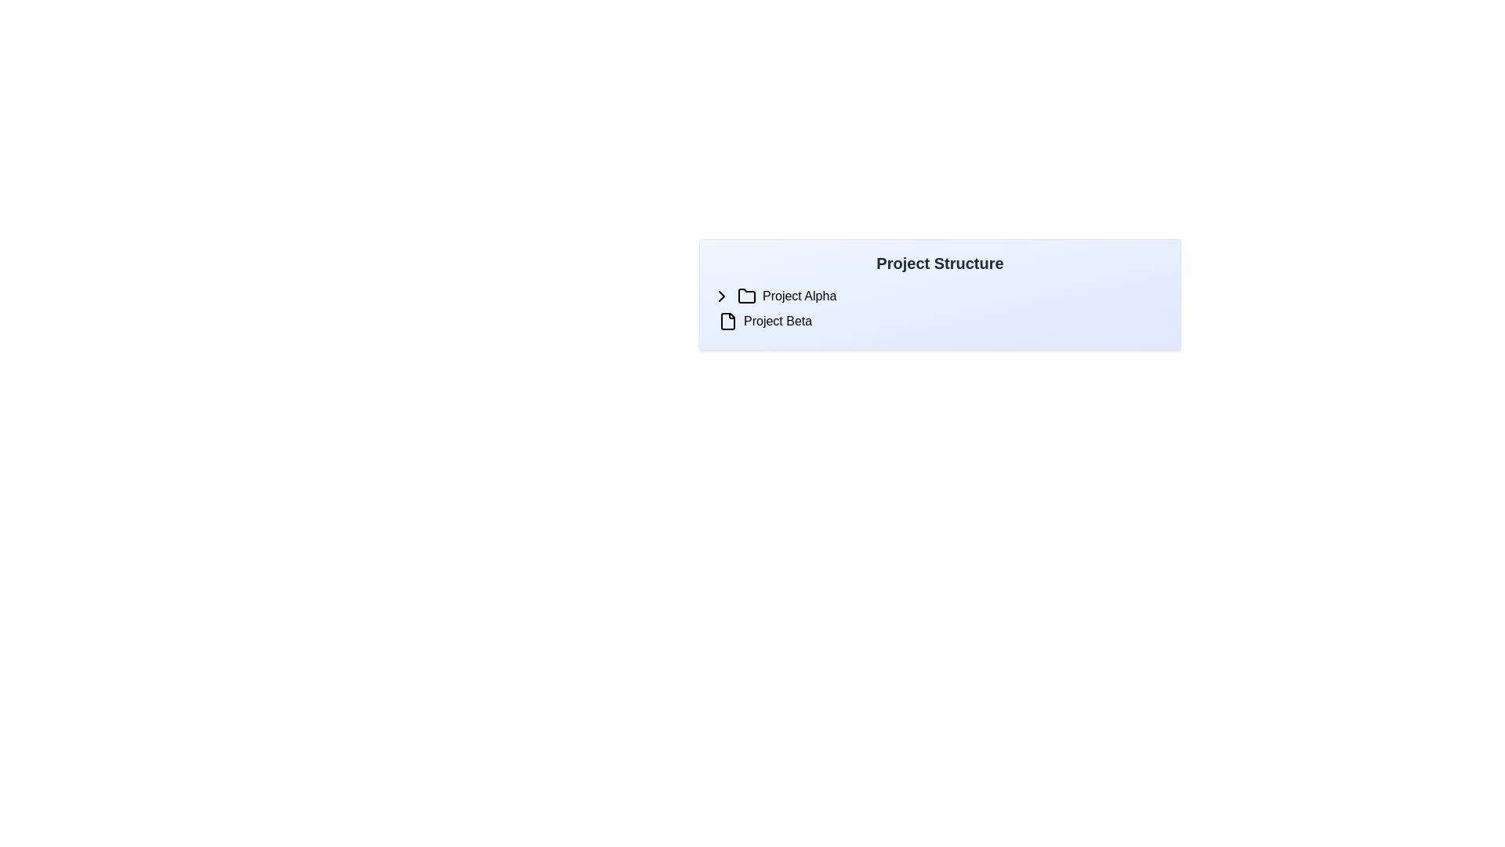 This screenshot has height=847, width=1505. Describe the element at coordinates (727, 320) in the screenshot. I see `document icon located to the left of the text 'Project Beta', which is rendered in a minimalist style with black strokes` at that location.